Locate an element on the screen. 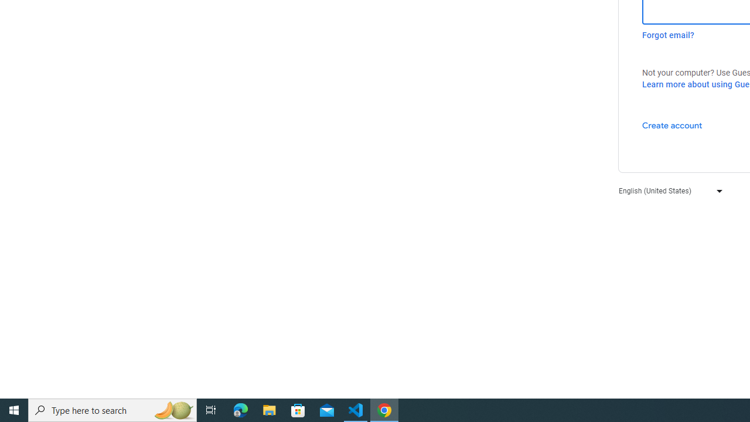 The image size is (750, 422). 'Create account' is located at coordinates (671, 125).